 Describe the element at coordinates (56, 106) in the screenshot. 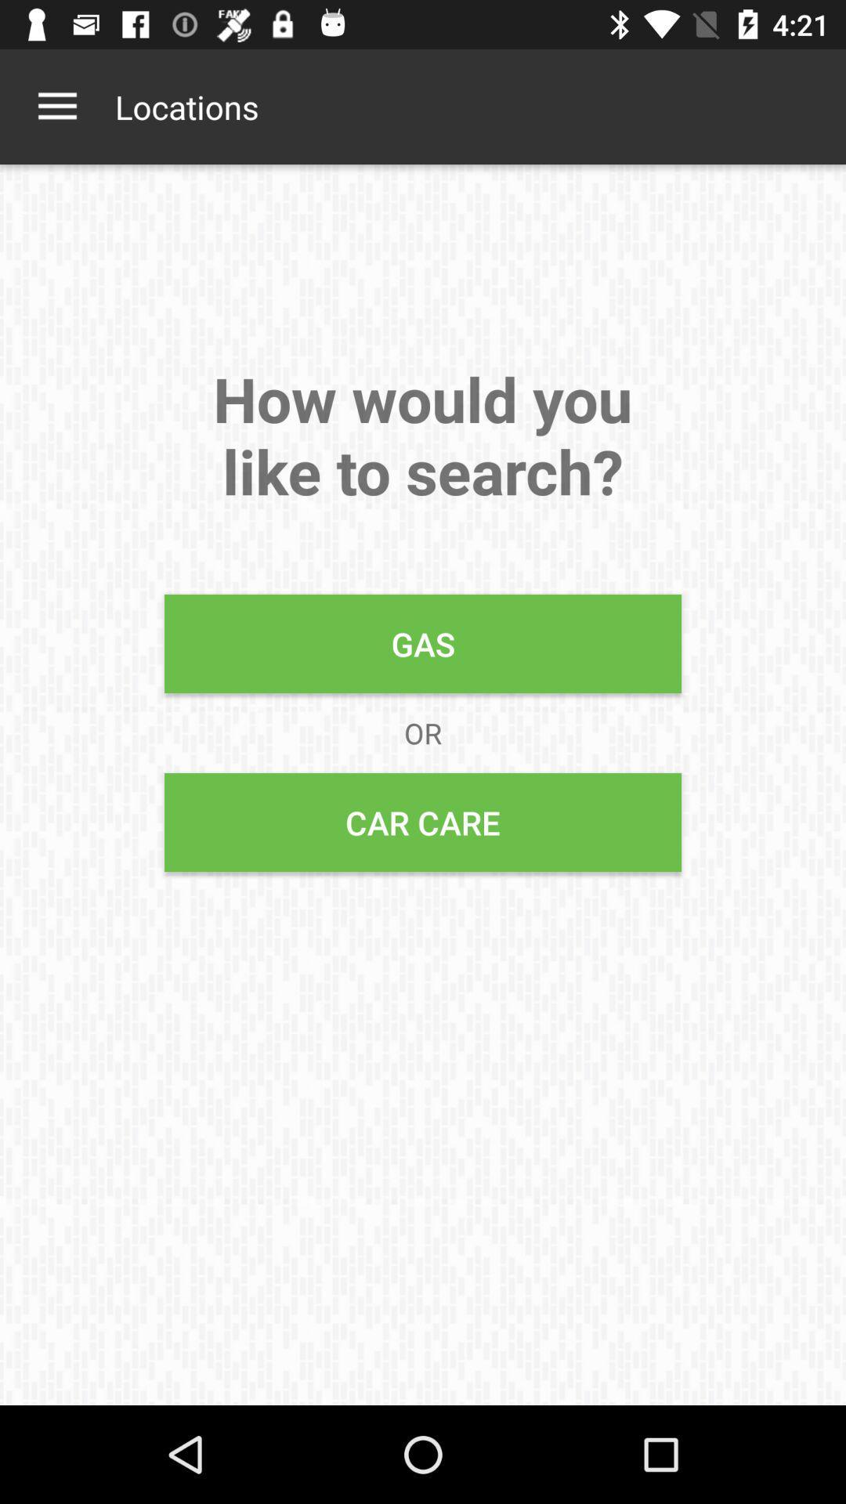

I see `the icon next to the locations item` at that location.